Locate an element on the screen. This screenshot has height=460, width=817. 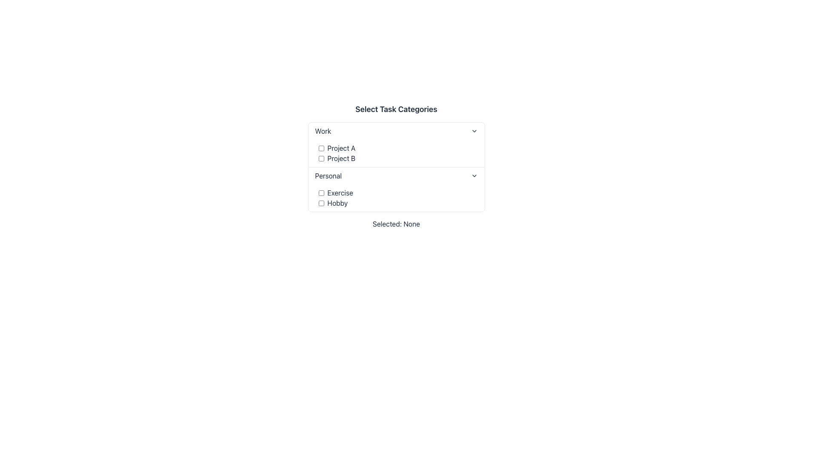
the downward-pointing chevron-shaped icon located to the right of the text 'Personal' in the 'Select Task Categories' panel is located at coordinates (474, 175).